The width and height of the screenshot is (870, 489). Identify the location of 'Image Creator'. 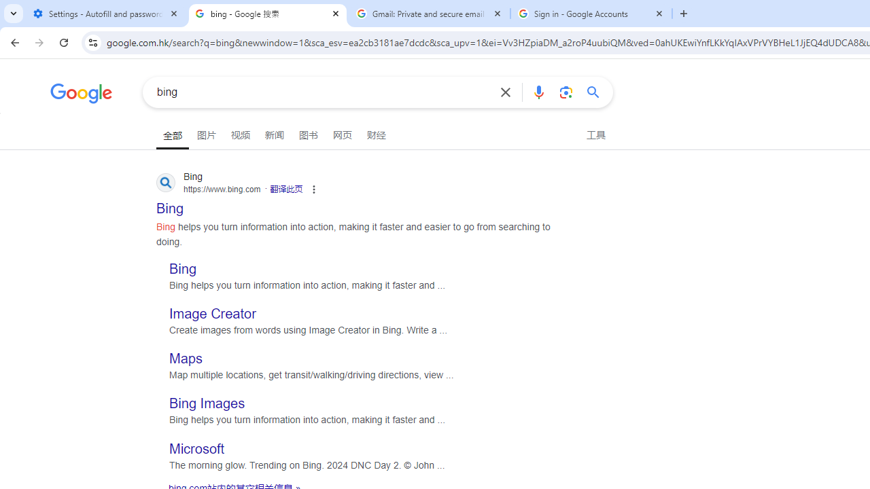
(212, 314).